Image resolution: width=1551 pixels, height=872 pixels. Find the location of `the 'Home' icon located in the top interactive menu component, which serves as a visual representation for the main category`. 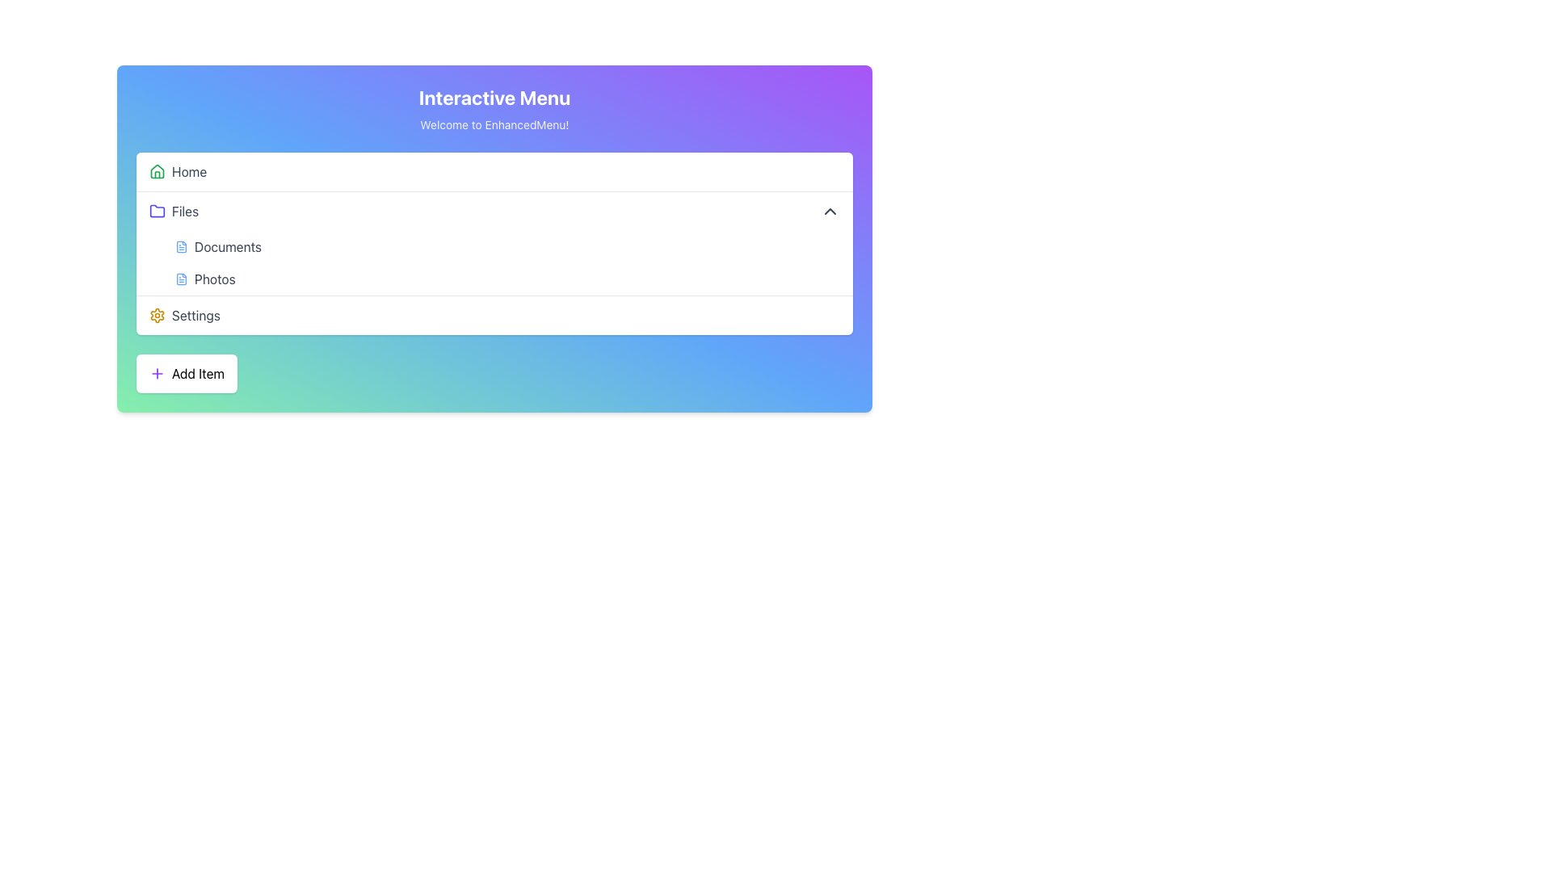

the 'Home' icon located in the top interactive menu component, which serves as a visual representation for the main category is located at coordinates (158, 171).